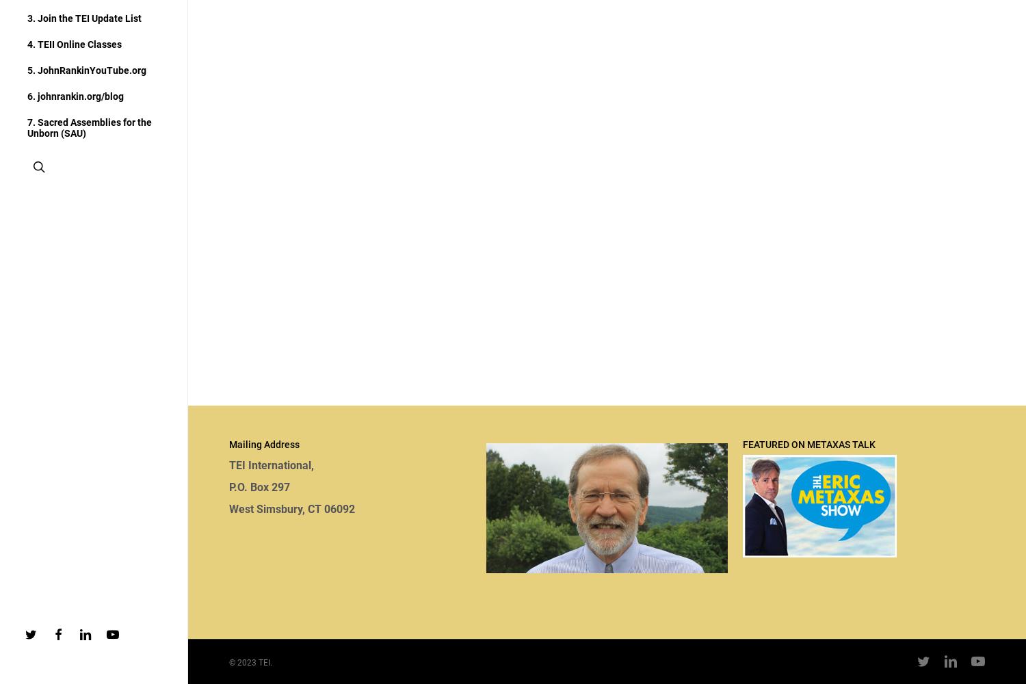 The height and width of the screenshot is (684, 1026). I want to click on '6. johnrankin.org/blog', so click(27, 96).